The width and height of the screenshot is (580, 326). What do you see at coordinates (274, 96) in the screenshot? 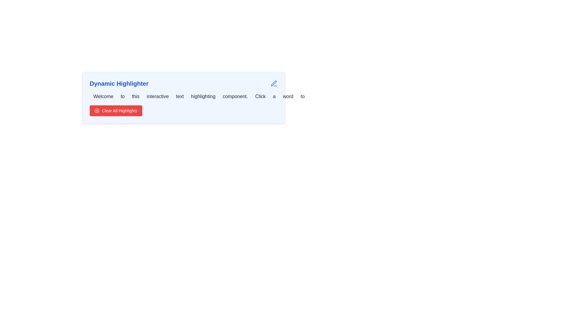
I see `the interactive text word, which is the 9th word in the sentence under the 'Dynamic Highlighter' header, to potentially highlight or select it` at bounding box center [274, 96].